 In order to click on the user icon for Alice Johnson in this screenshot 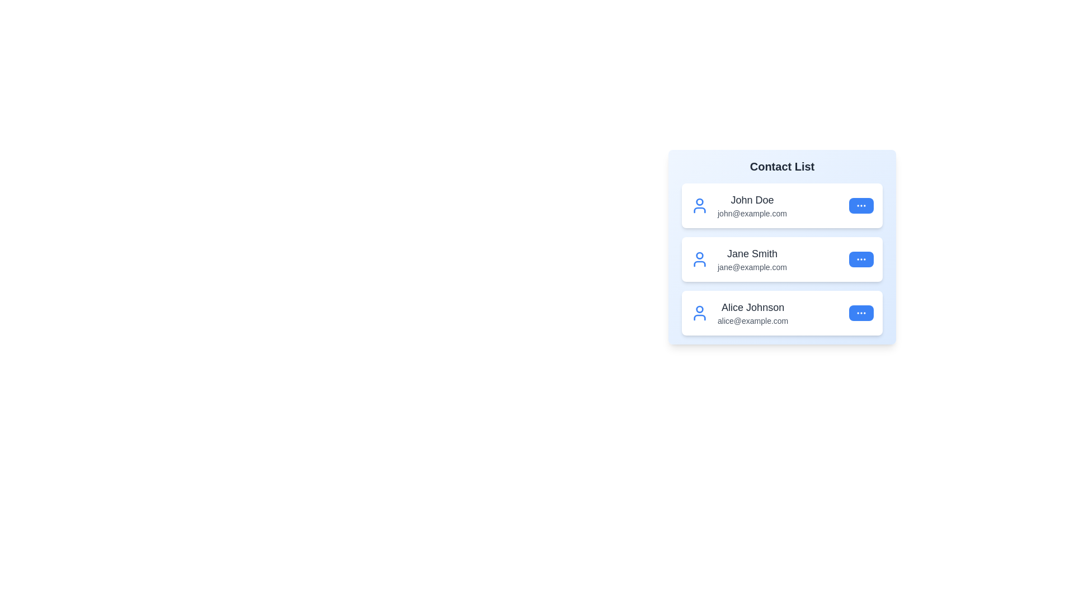, I will do `click(699, 313)`.